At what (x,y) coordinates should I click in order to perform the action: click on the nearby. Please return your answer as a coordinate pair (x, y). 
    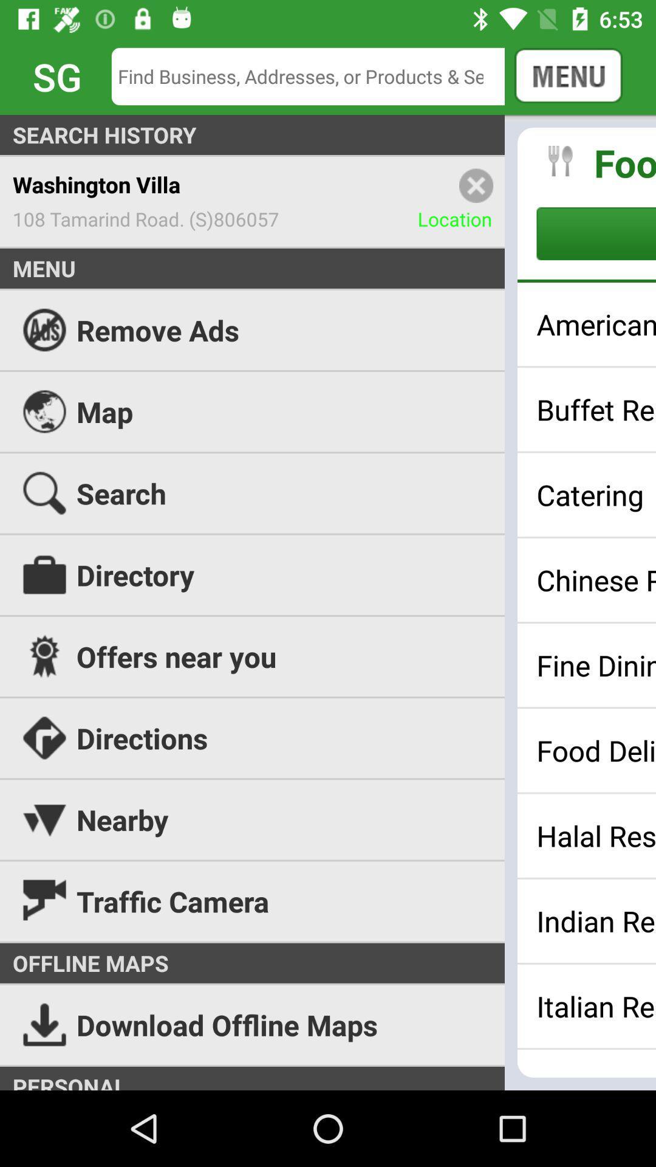
    Looking at the image, I should click on (328, 819).